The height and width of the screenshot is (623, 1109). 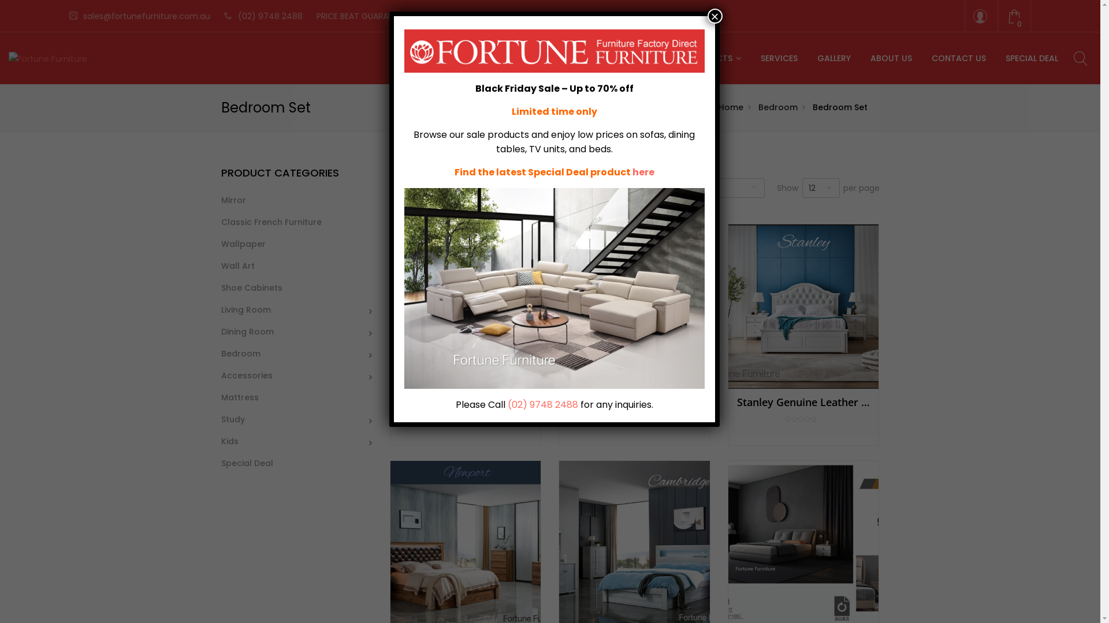 I want to click on 'Mattress', so click(x=239, y=395).